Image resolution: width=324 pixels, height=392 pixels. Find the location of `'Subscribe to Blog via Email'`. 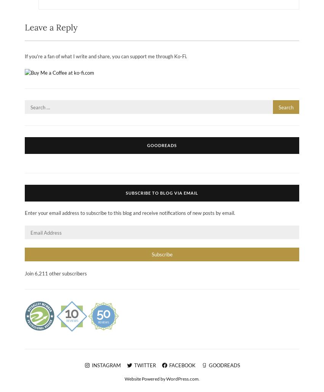

'Subscribe to Blog via Email' is located at coordinates (162, 192).